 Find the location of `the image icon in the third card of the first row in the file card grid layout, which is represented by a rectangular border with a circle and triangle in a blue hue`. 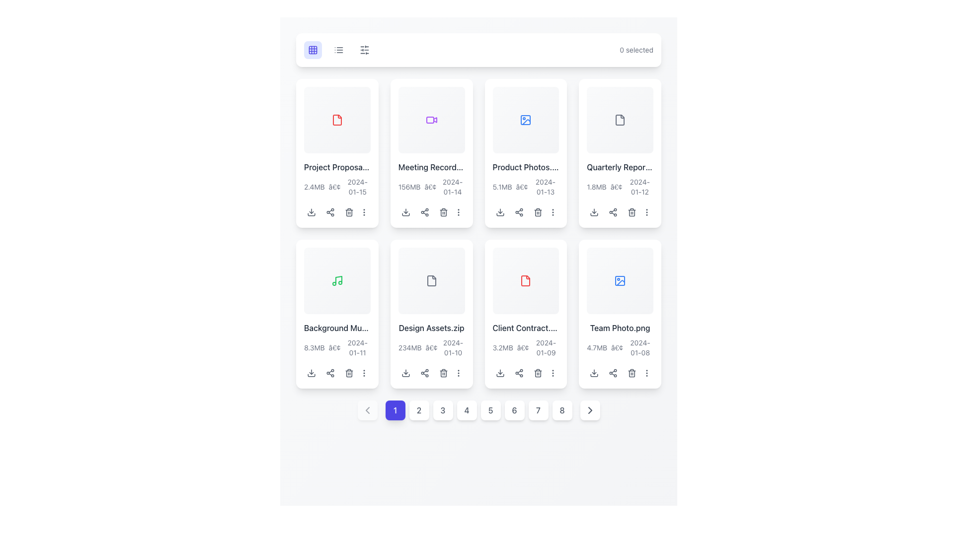

the image icon in the third card of the first row in the file card grid layout, which is represented by a rectangular border with a circle and triangle in a blue hue is located at coordinates (525, 119).